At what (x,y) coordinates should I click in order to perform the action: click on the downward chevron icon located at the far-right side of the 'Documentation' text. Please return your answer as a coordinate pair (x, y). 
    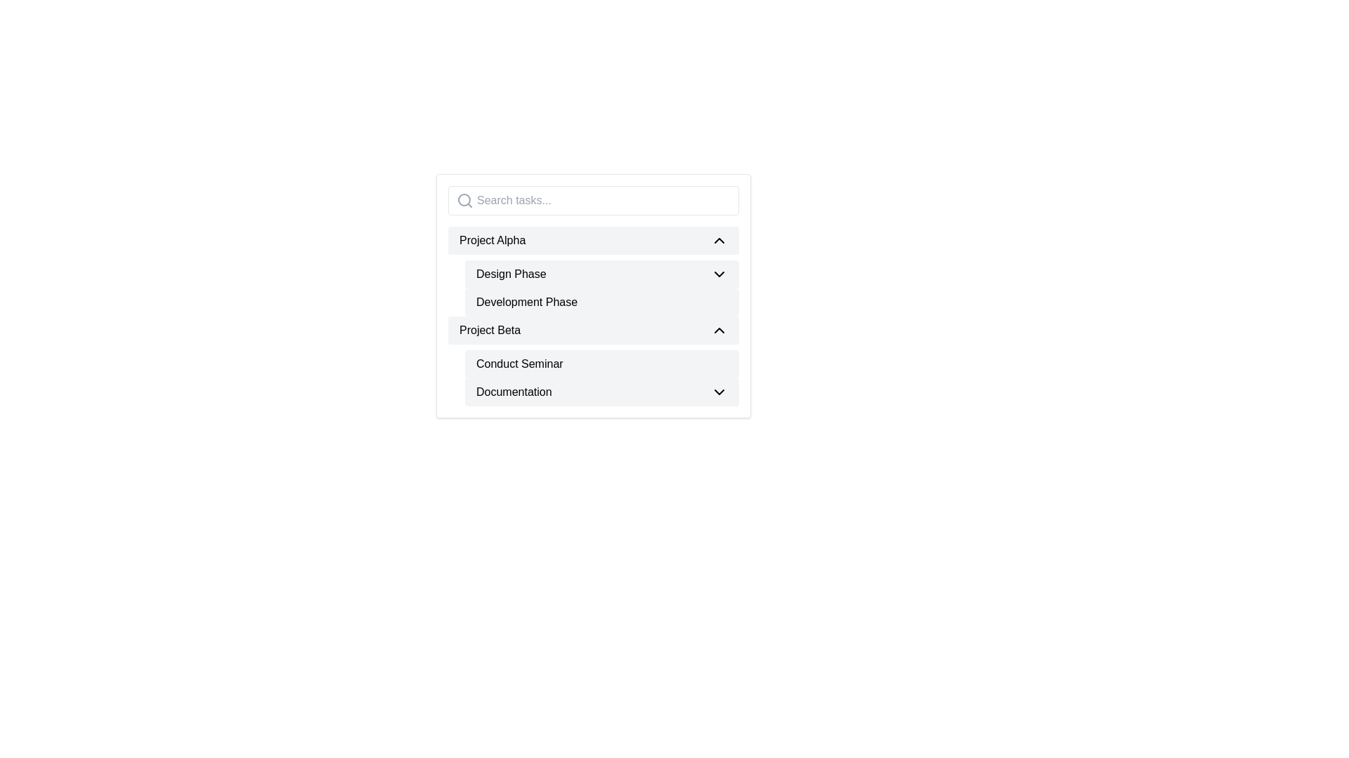
    Looking at the image, I should click on (719, 392).